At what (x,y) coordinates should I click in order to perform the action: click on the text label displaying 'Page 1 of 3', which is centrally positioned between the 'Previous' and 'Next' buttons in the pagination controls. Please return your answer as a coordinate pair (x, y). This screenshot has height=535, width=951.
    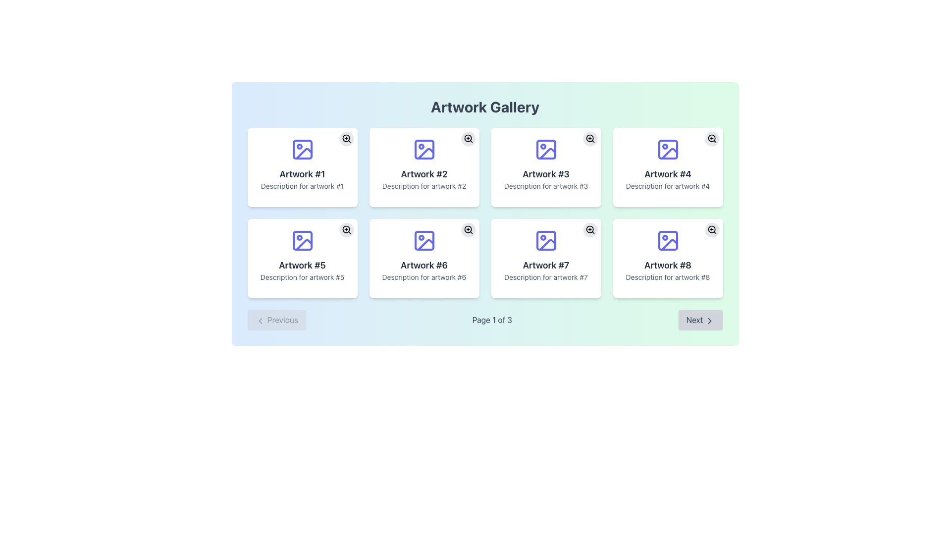
    Looking at the image, I should click on (492, 320).